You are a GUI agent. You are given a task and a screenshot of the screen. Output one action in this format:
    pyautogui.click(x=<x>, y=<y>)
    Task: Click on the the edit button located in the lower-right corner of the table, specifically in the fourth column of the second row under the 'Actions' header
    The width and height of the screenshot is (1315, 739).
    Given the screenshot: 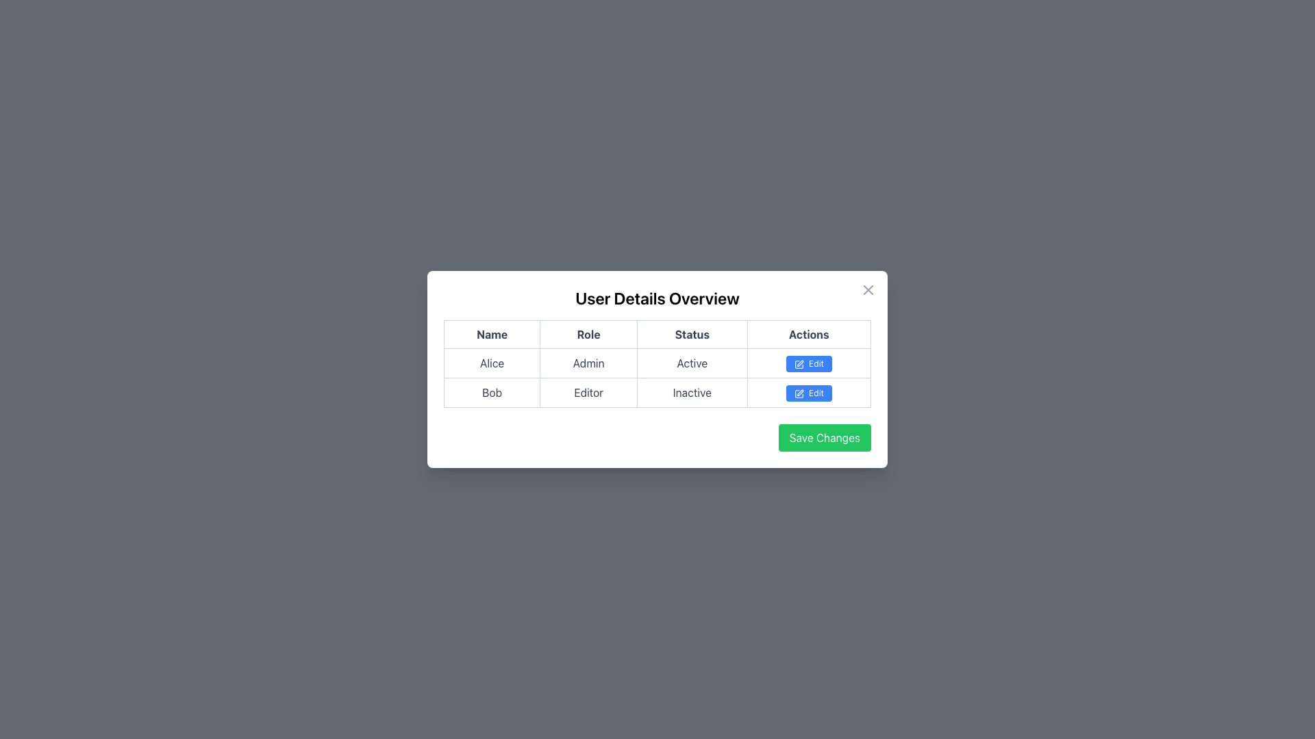 What is the action you would take?
    pyautogui.click(x=809, y=393)
    